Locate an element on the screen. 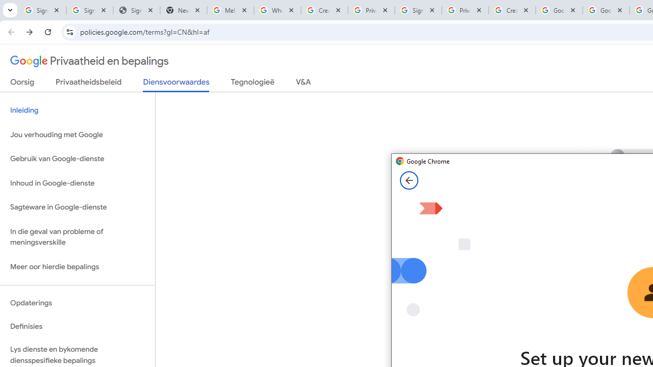 The image size is (653, 367). 'Create your Google Account' is located at coordinates (512, 10).